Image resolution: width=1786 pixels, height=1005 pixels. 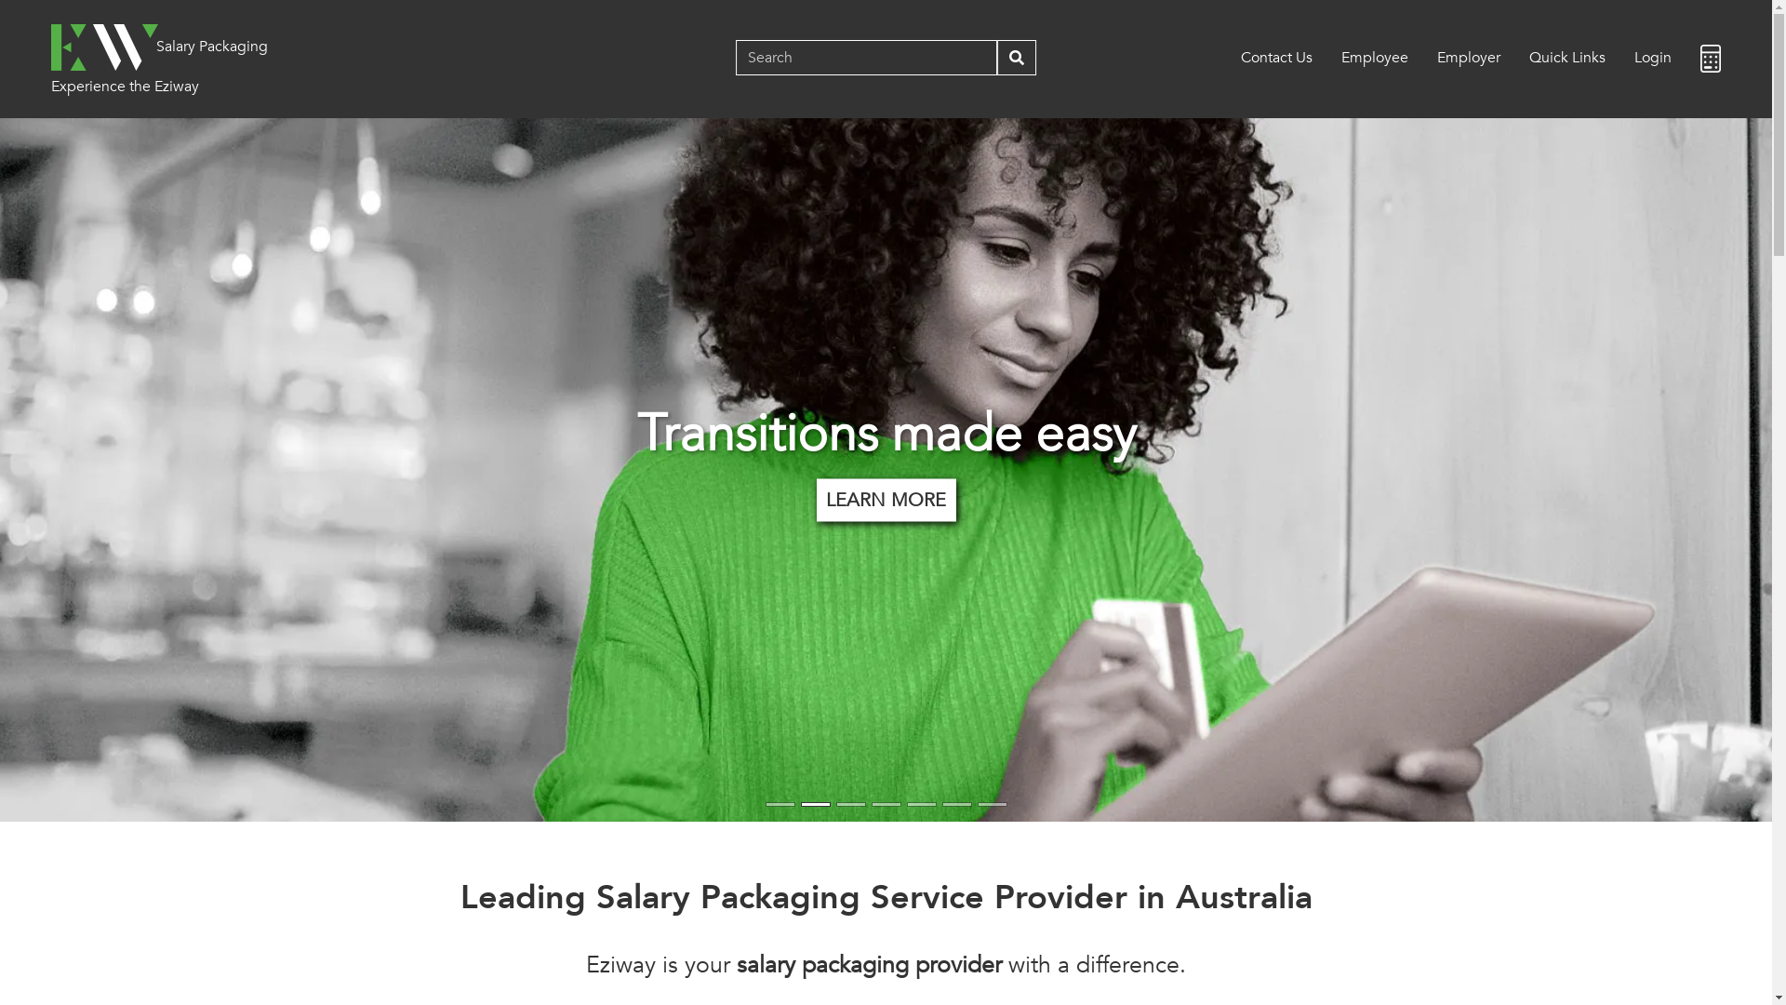 I want to click on 'LEARN MORE', so click(x=817, y=498).